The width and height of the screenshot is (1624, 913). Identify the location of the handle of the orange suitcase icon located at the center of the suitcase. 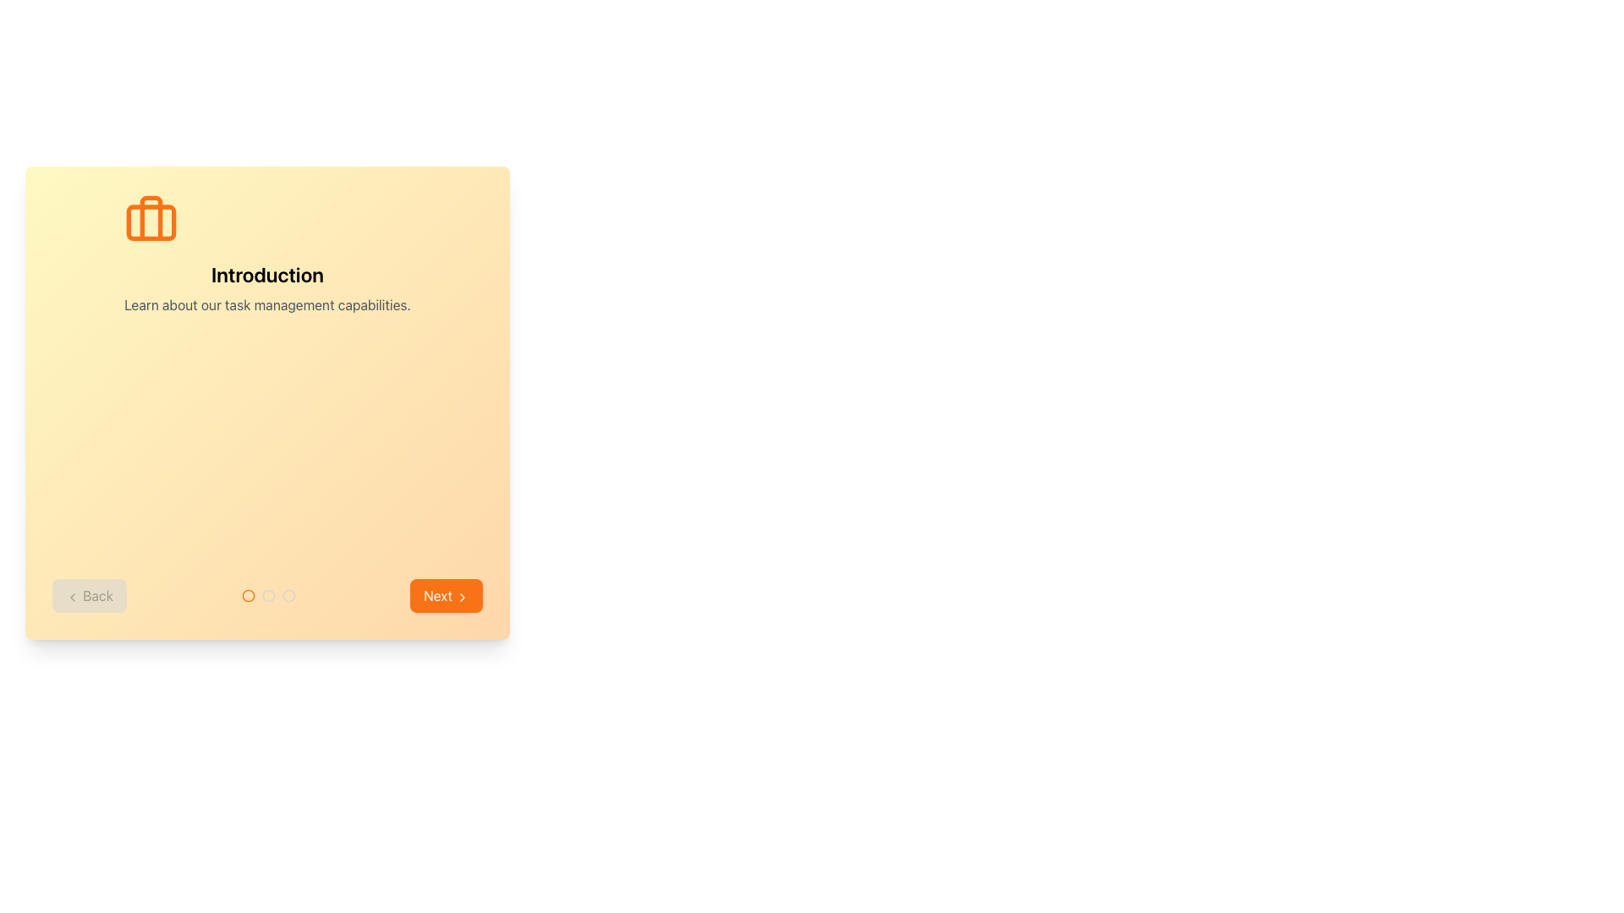
(151, 217).